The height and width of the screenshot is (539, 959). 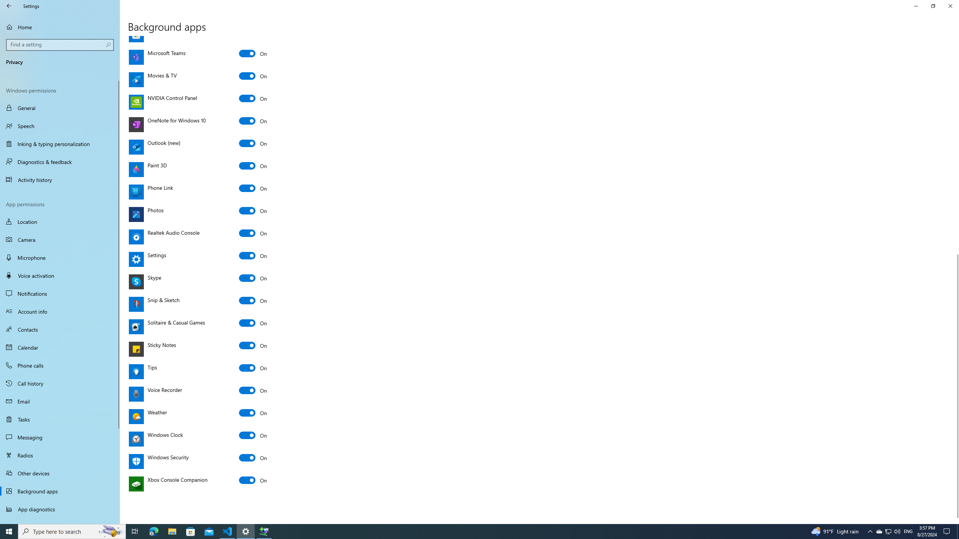 I want to click on 'Paint 3D', so click(x=252, y=166).